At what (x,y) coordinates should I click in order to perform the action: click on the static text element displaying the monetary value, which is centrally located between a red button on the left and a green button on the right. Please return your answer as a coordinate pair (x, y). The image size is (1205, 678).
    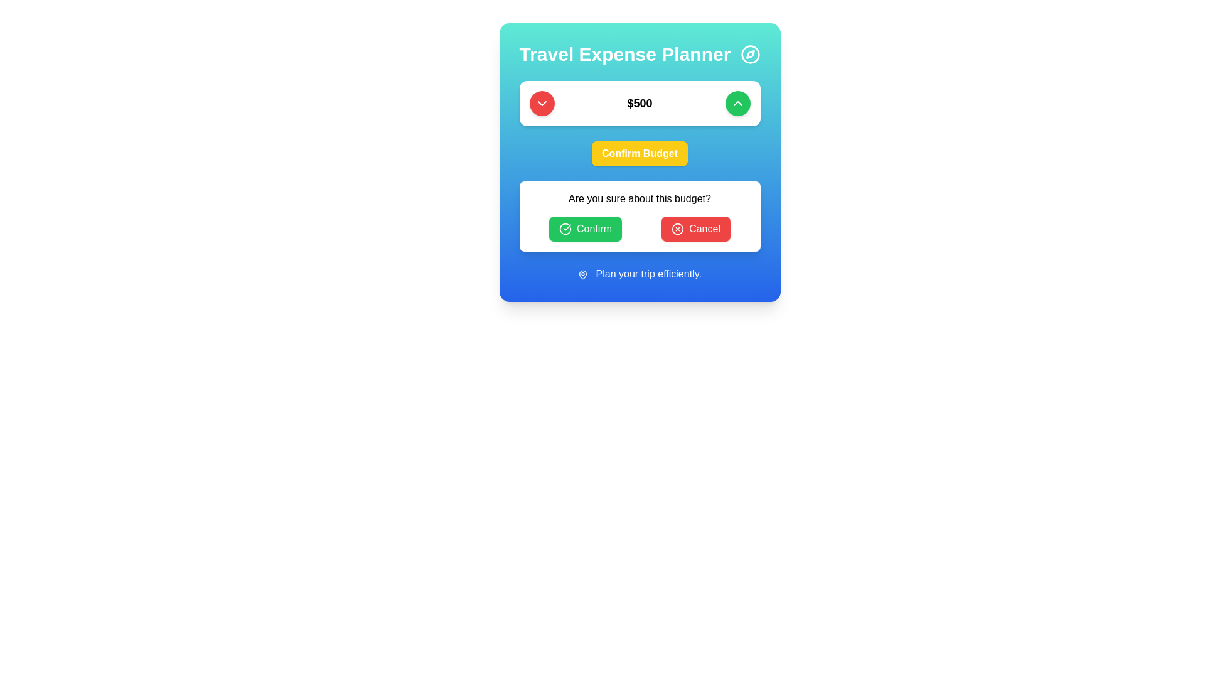
    Looking at the image, I should click on (640, 103).